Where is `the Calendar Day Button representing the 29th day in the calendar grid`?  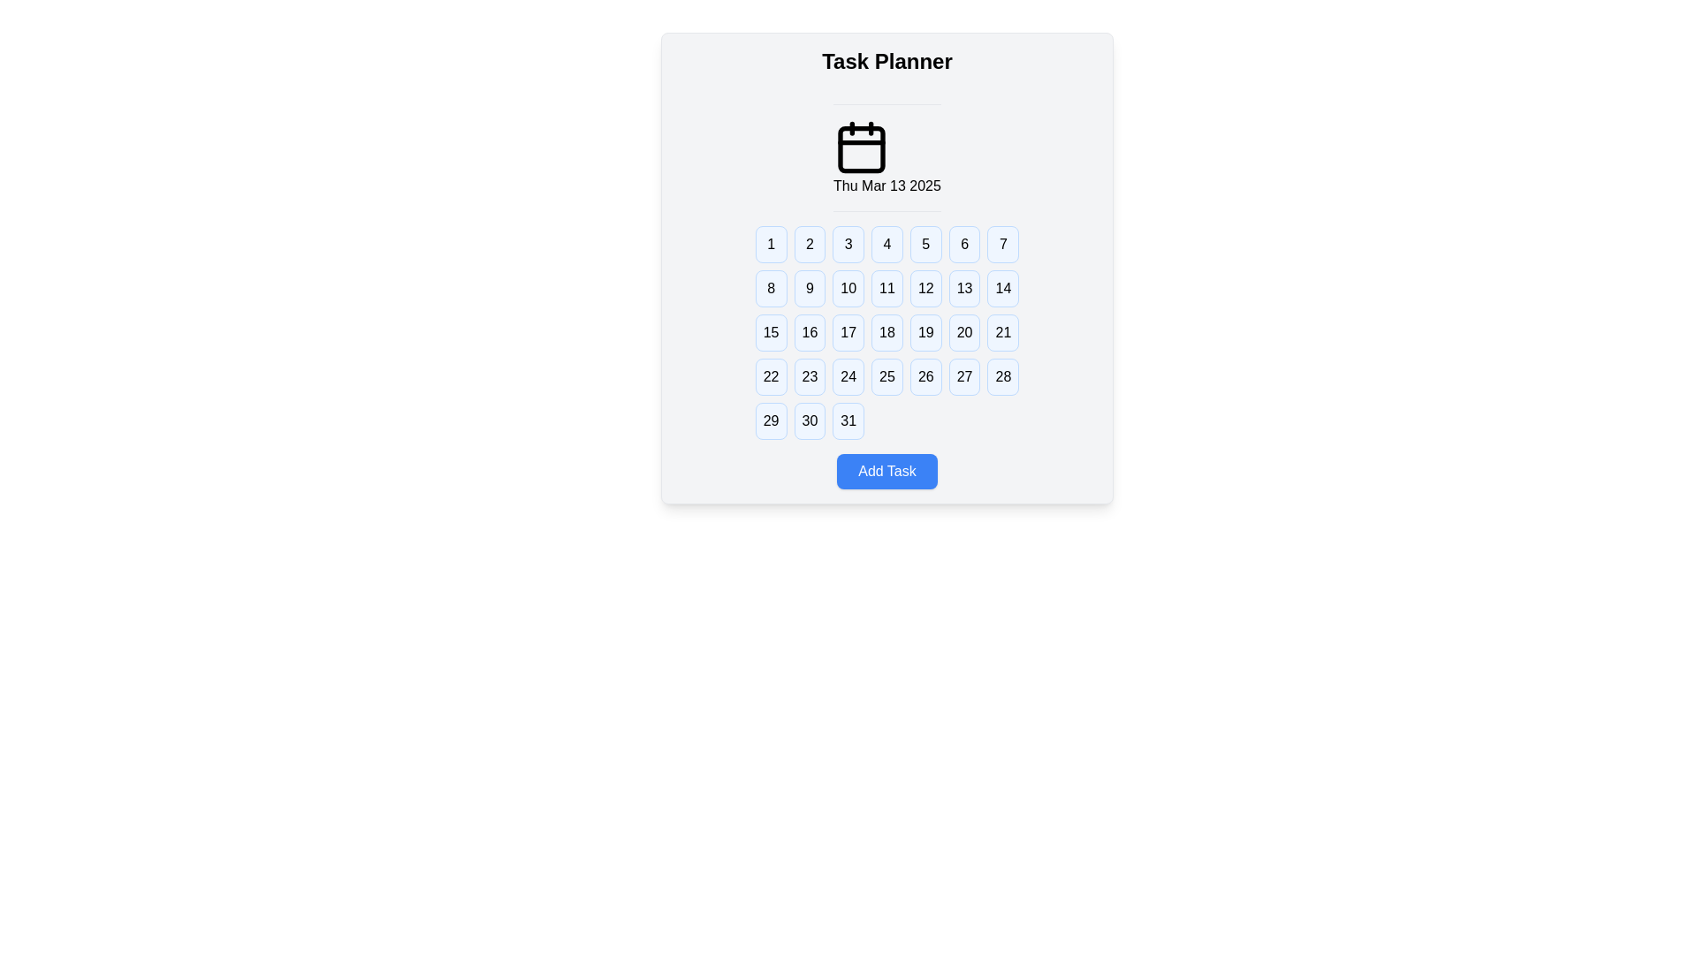
the Calendar Day Button representing the 29th day in the calendar grid is located at coordinates (771, 421).